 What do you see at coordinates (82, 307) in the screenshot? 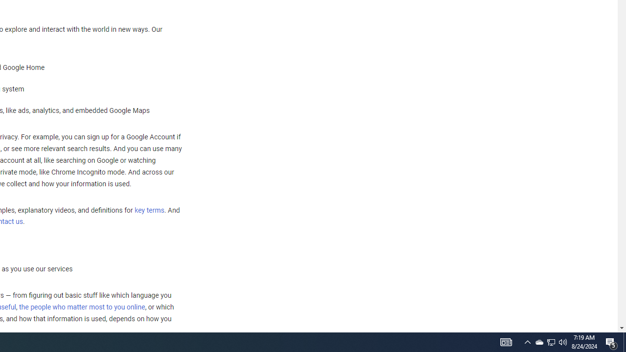
I see `'the people who matter most to you online'` at bounding box center [82, 307].